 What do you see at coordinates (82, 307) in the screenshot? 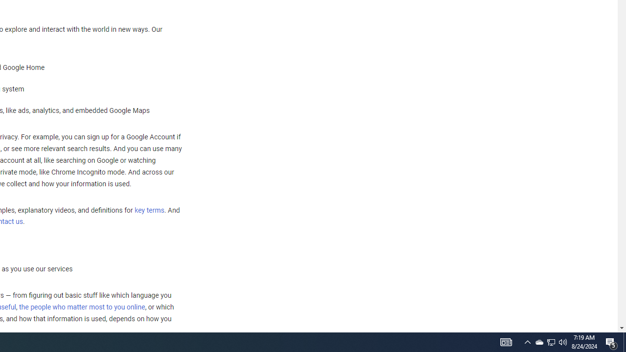
I see `'the people who matter most to you online'` at bounding box center [82, 307].